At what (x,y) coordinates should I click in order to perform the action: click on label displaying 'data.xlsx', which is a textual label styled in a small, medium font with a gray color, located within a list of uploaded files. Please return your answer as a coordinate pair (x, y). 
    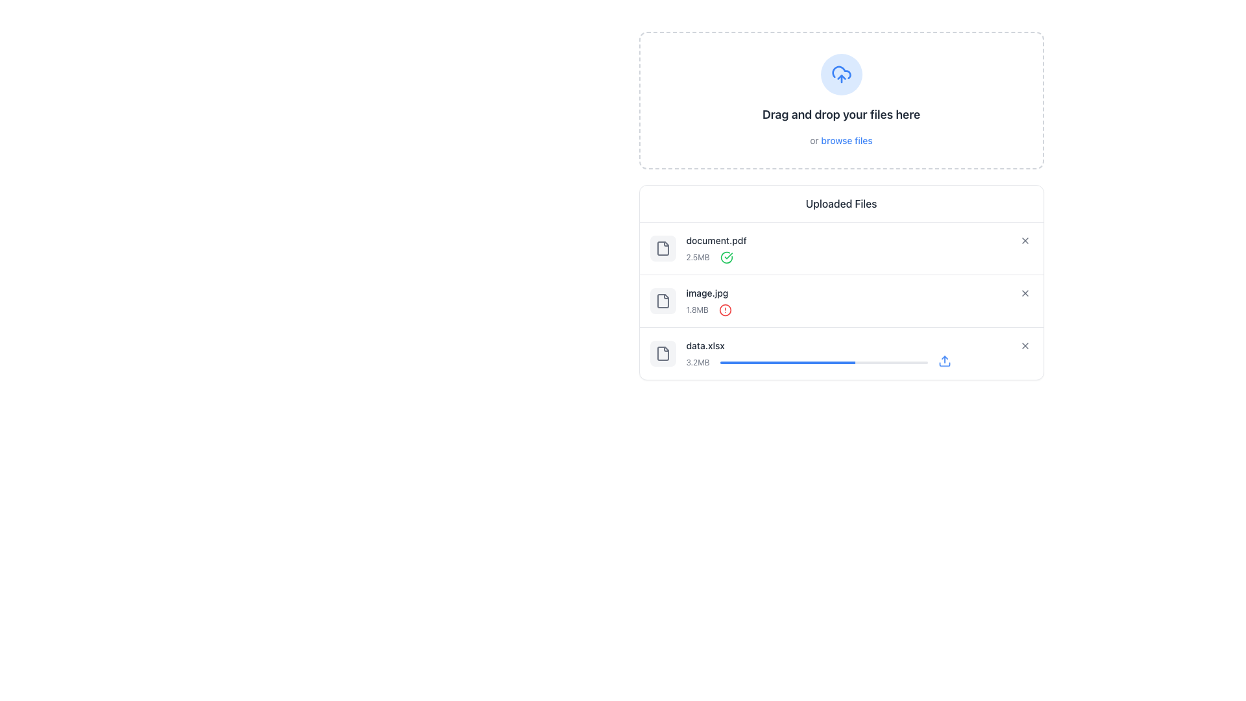
    Looking at the image, I should click on (705, 345).